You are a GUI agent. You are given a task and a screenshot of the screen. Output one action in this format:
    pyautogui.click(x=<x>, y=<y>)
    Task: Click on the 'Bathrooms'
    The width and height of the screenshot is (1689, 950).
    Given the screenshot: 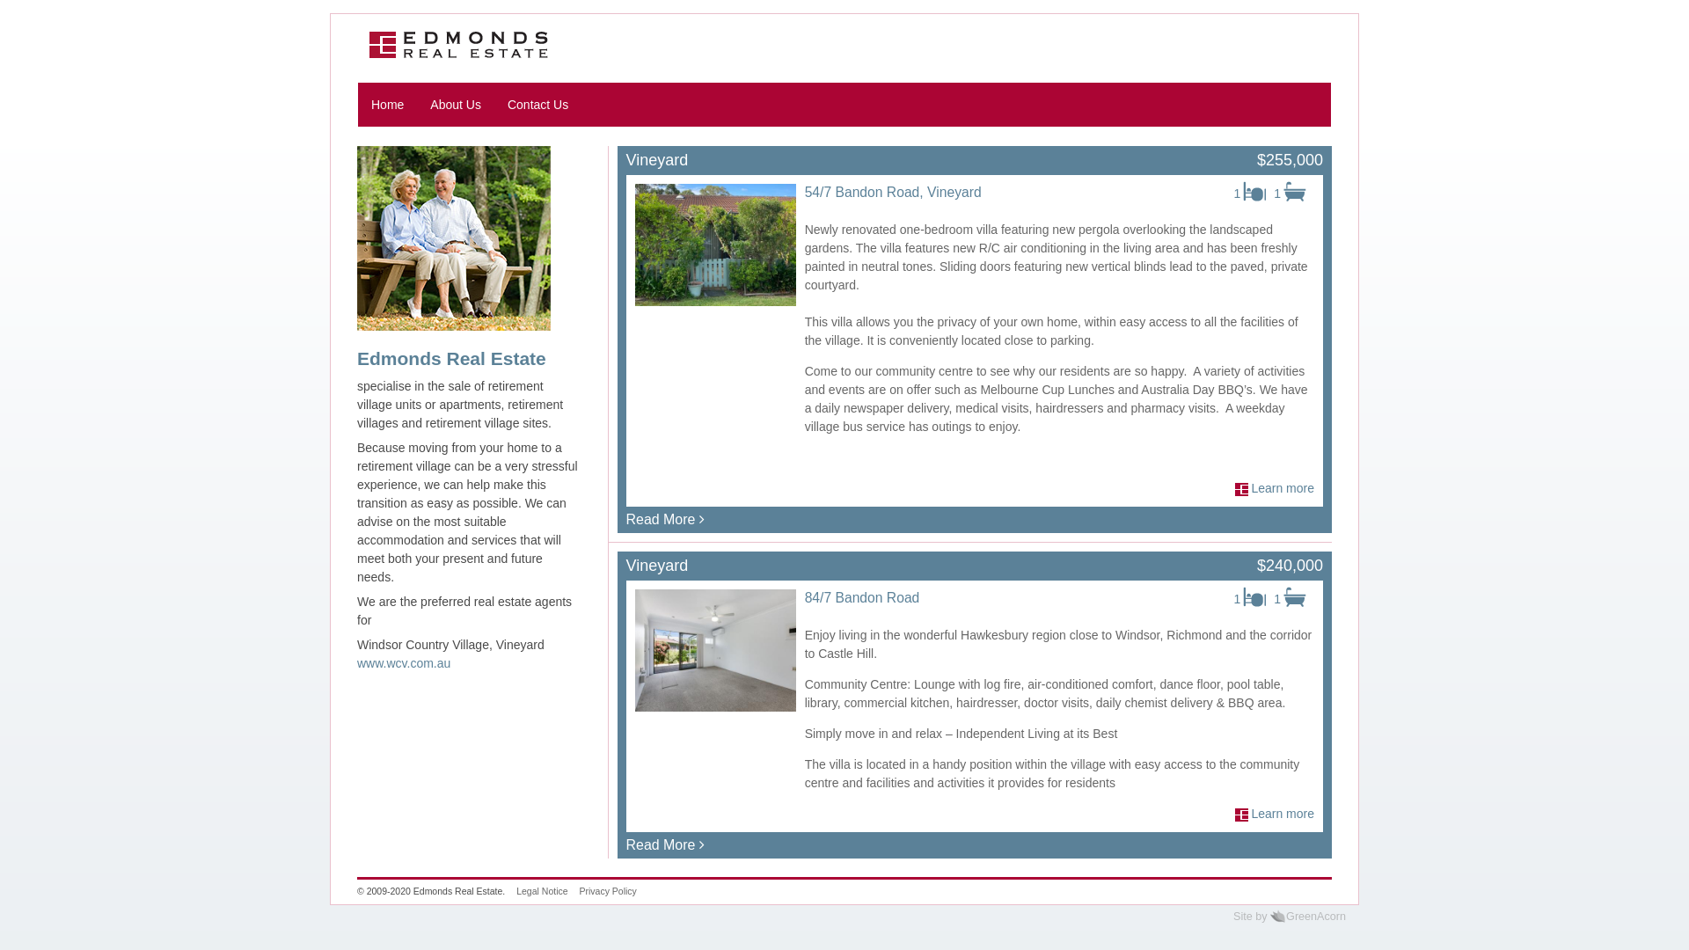 What is the action you would take?
    pyautogui.click(x=1297, y=596)
    